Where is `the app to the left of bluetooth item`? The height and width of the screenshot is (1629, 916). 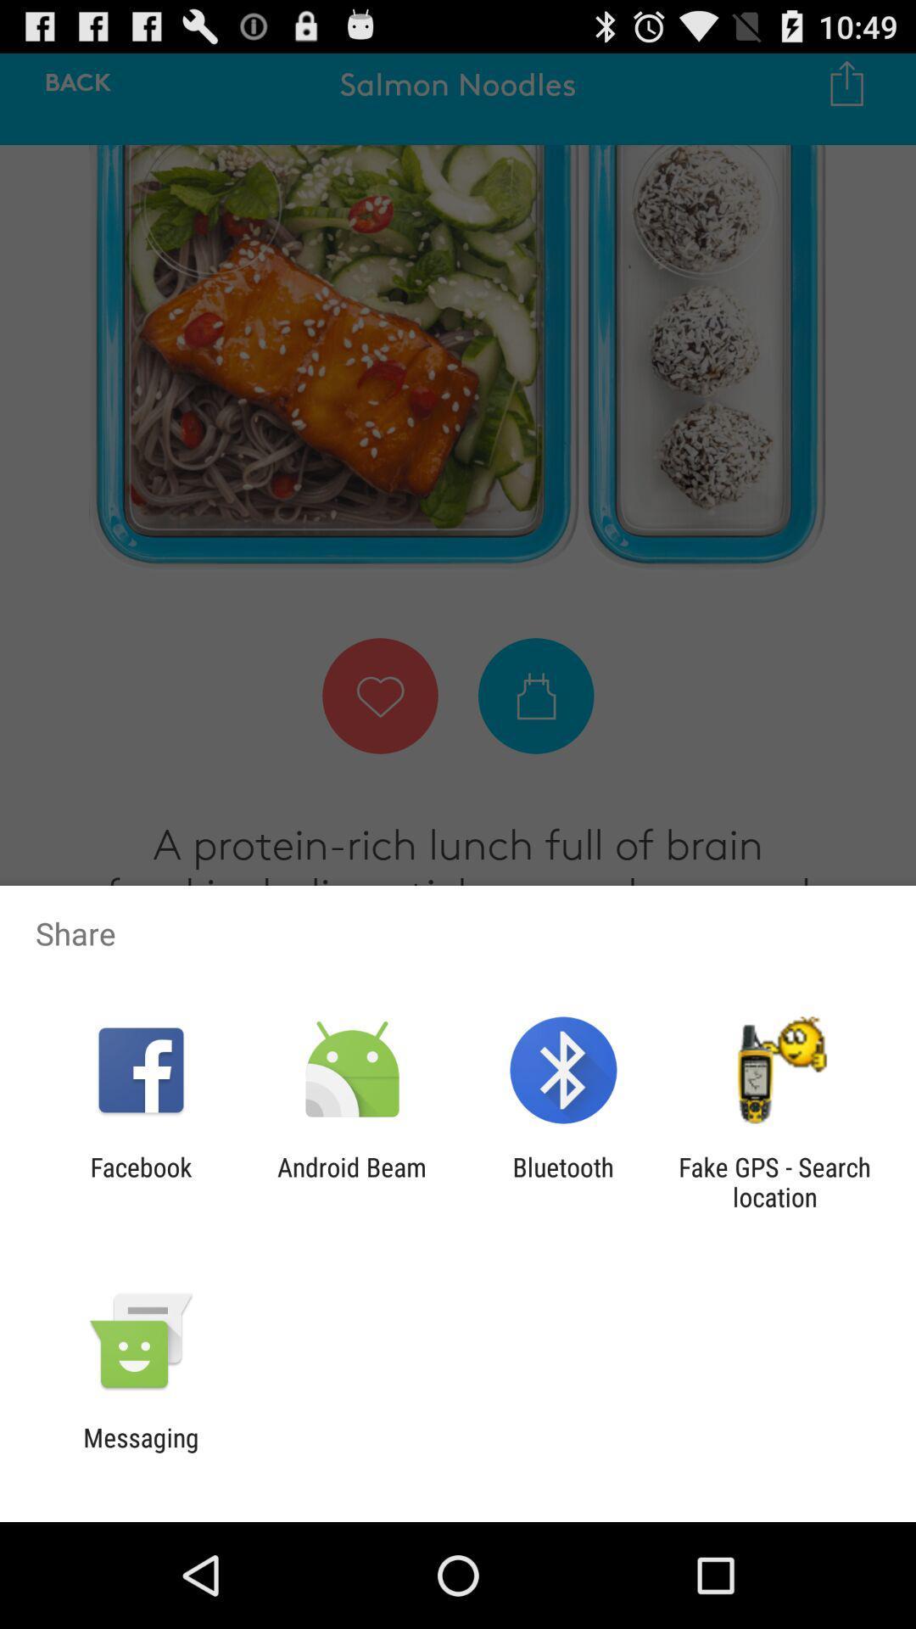
the app to the left of bluetooth item is located at coordinates (351, 1181).